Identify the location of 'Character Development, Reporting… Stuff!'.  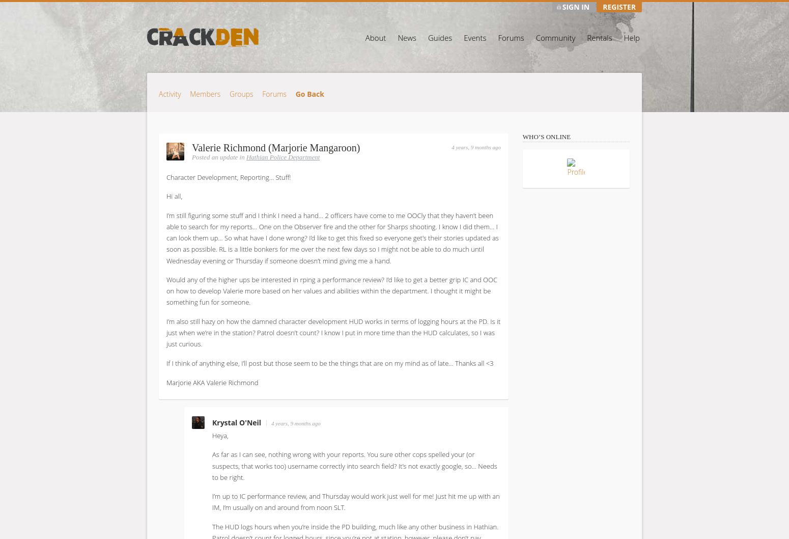
(166, 176).